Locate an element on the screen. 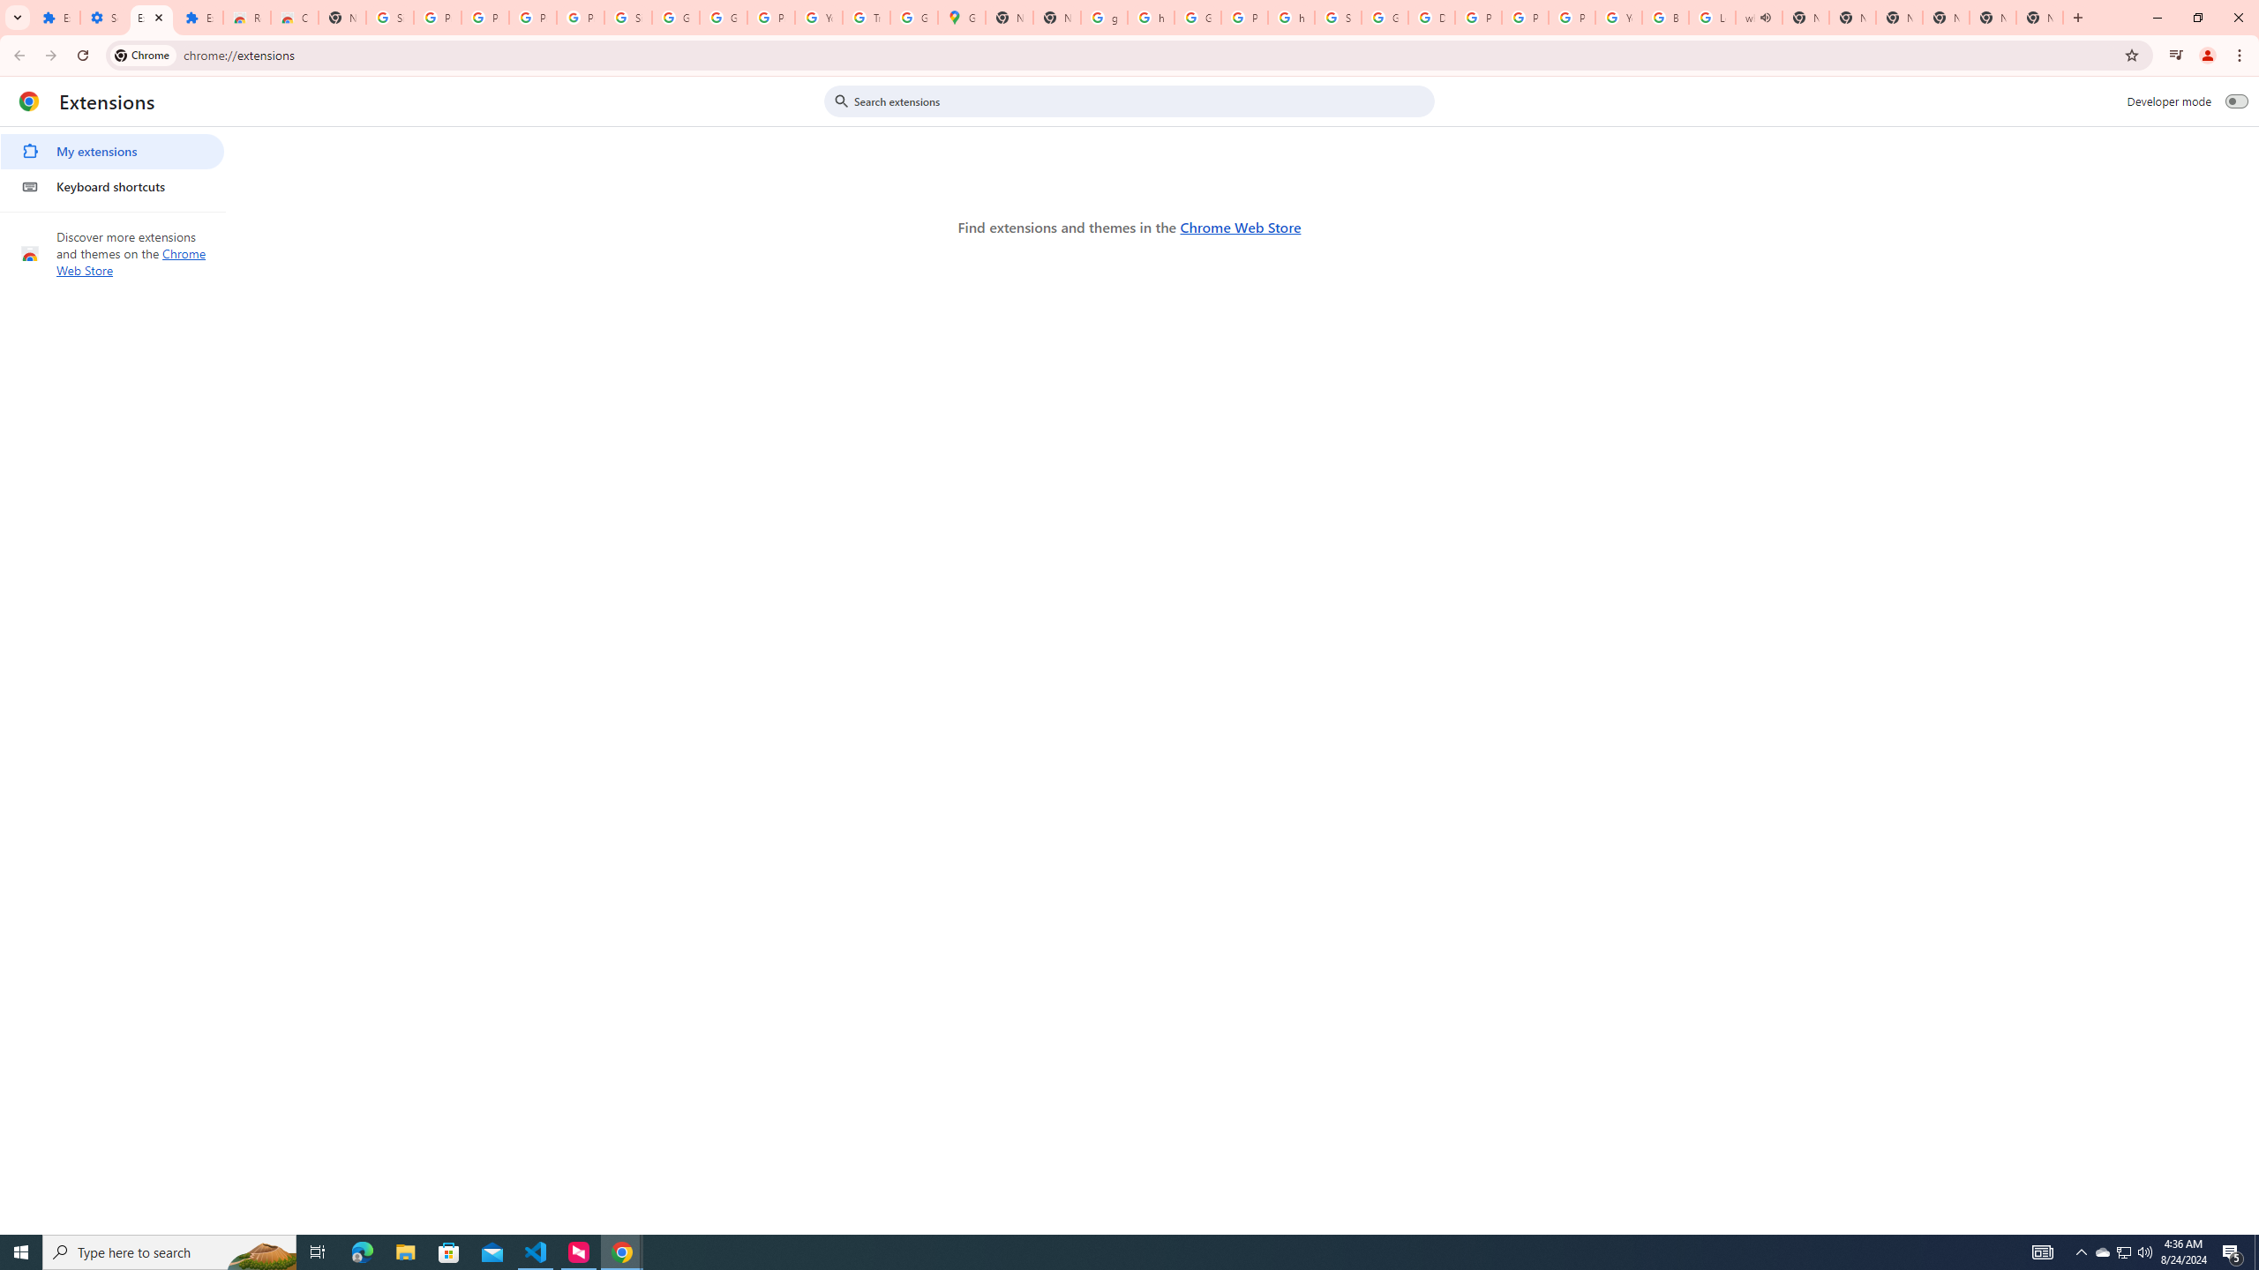  'Chrome Web Store - Themes' is located at coordinates (295, 17).